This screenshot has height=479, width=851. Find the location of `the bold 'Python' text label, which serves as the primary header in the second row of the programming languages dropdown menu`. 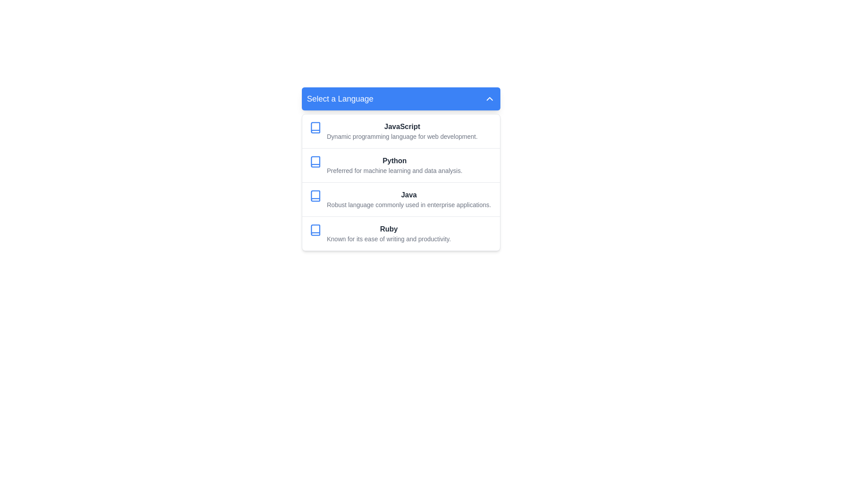

the bold 'Python' text label, which serves as the primary header in the second row of the programming languages dropdown menu is located at coordinates (394, 161).